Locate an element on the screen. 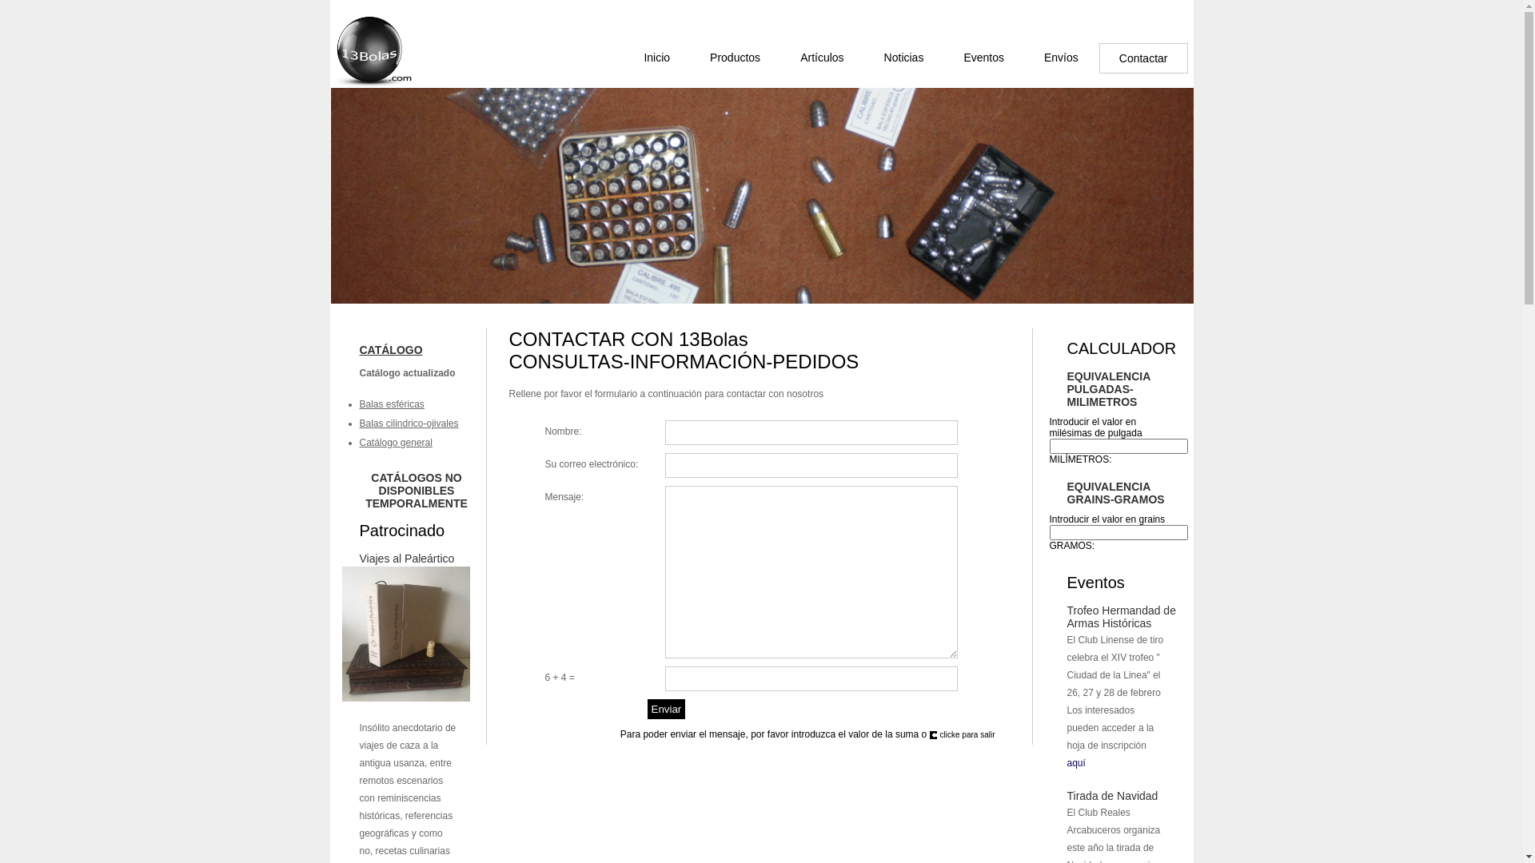 The width and height of the screenshot is (1535, 863). 'Introducir el valor en grains' is located at coordinates (1106, 519).